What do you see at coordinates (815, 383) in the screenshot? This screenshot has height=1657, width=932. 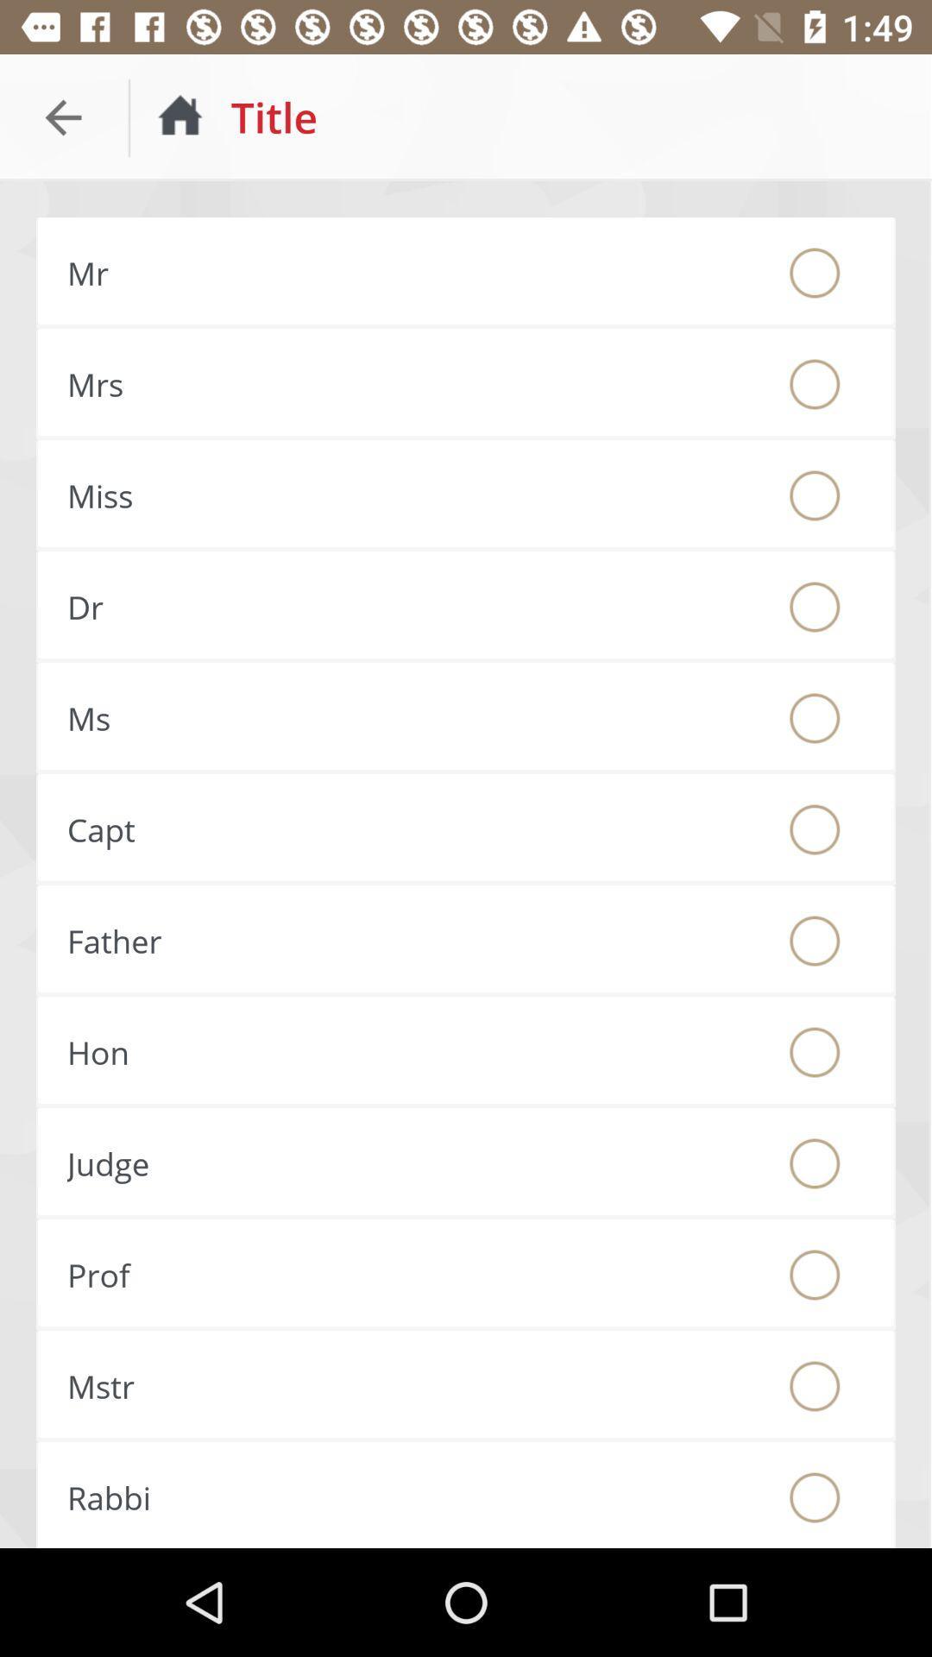 I see `choose mrs. title` at bounding box center [815, 383].